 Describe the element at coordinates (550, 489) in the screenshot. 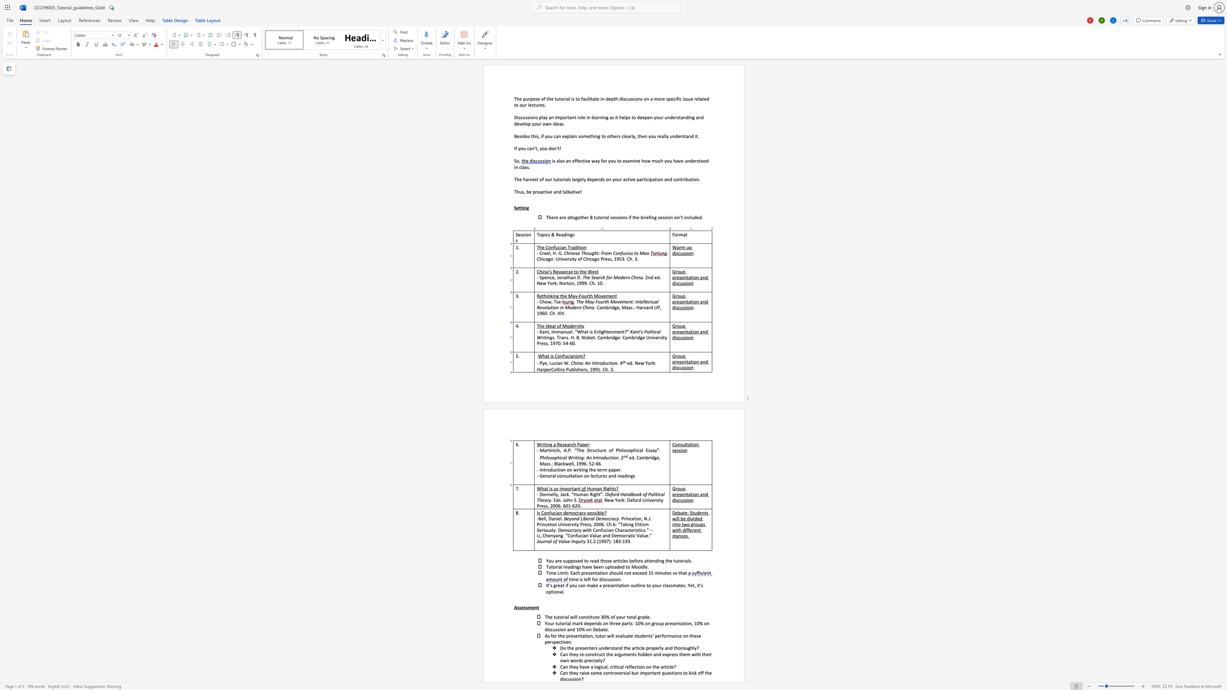

I see `the space between the continuous character "i" and "s" in the text` at that location.